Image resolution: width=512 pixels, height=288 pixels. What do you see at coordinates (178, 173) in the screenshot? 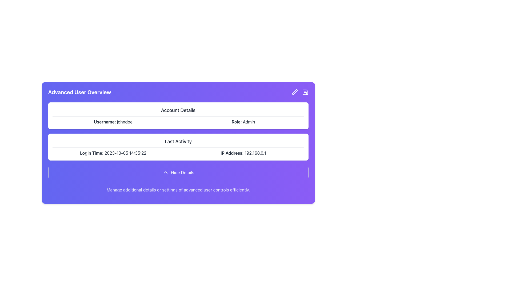
I see `the 'Hide Details' button with a purple gradient background and an upward arrow icon to hide the details` at bounding box center [178, 173].